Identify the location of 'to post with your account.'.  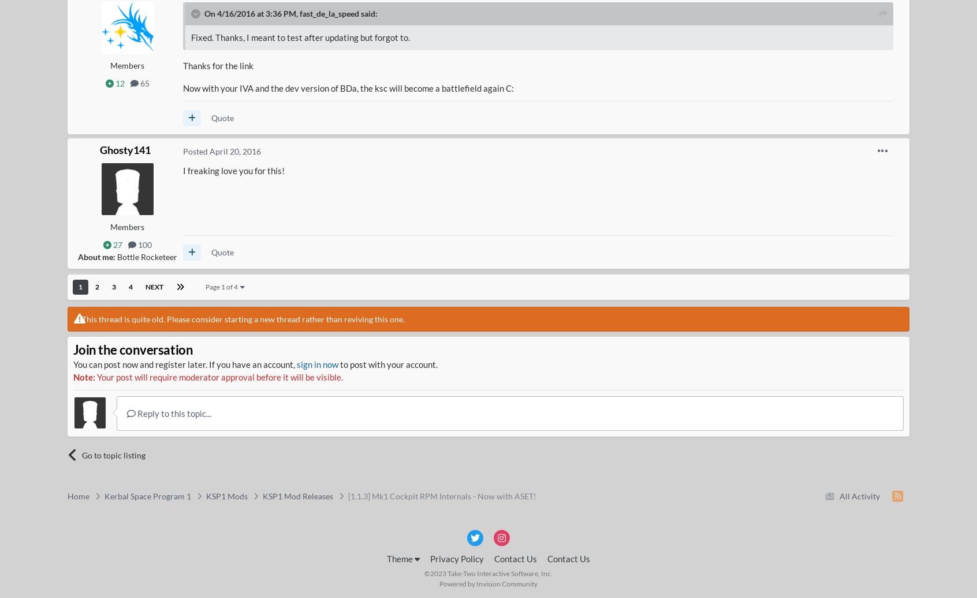
(387, 364).